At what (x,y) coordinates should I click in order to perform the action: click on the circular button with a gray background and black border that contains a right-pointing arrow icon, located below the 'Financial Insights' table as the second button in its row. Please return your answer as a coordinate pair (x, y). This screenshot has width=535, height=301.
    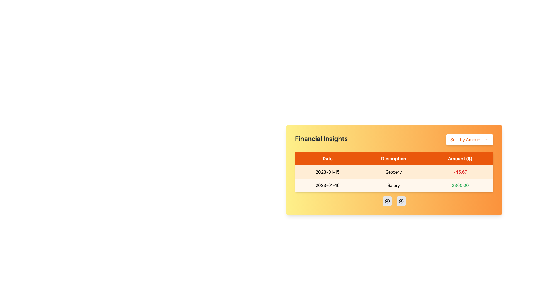
    Looking at the image, I should click on (401, 201).